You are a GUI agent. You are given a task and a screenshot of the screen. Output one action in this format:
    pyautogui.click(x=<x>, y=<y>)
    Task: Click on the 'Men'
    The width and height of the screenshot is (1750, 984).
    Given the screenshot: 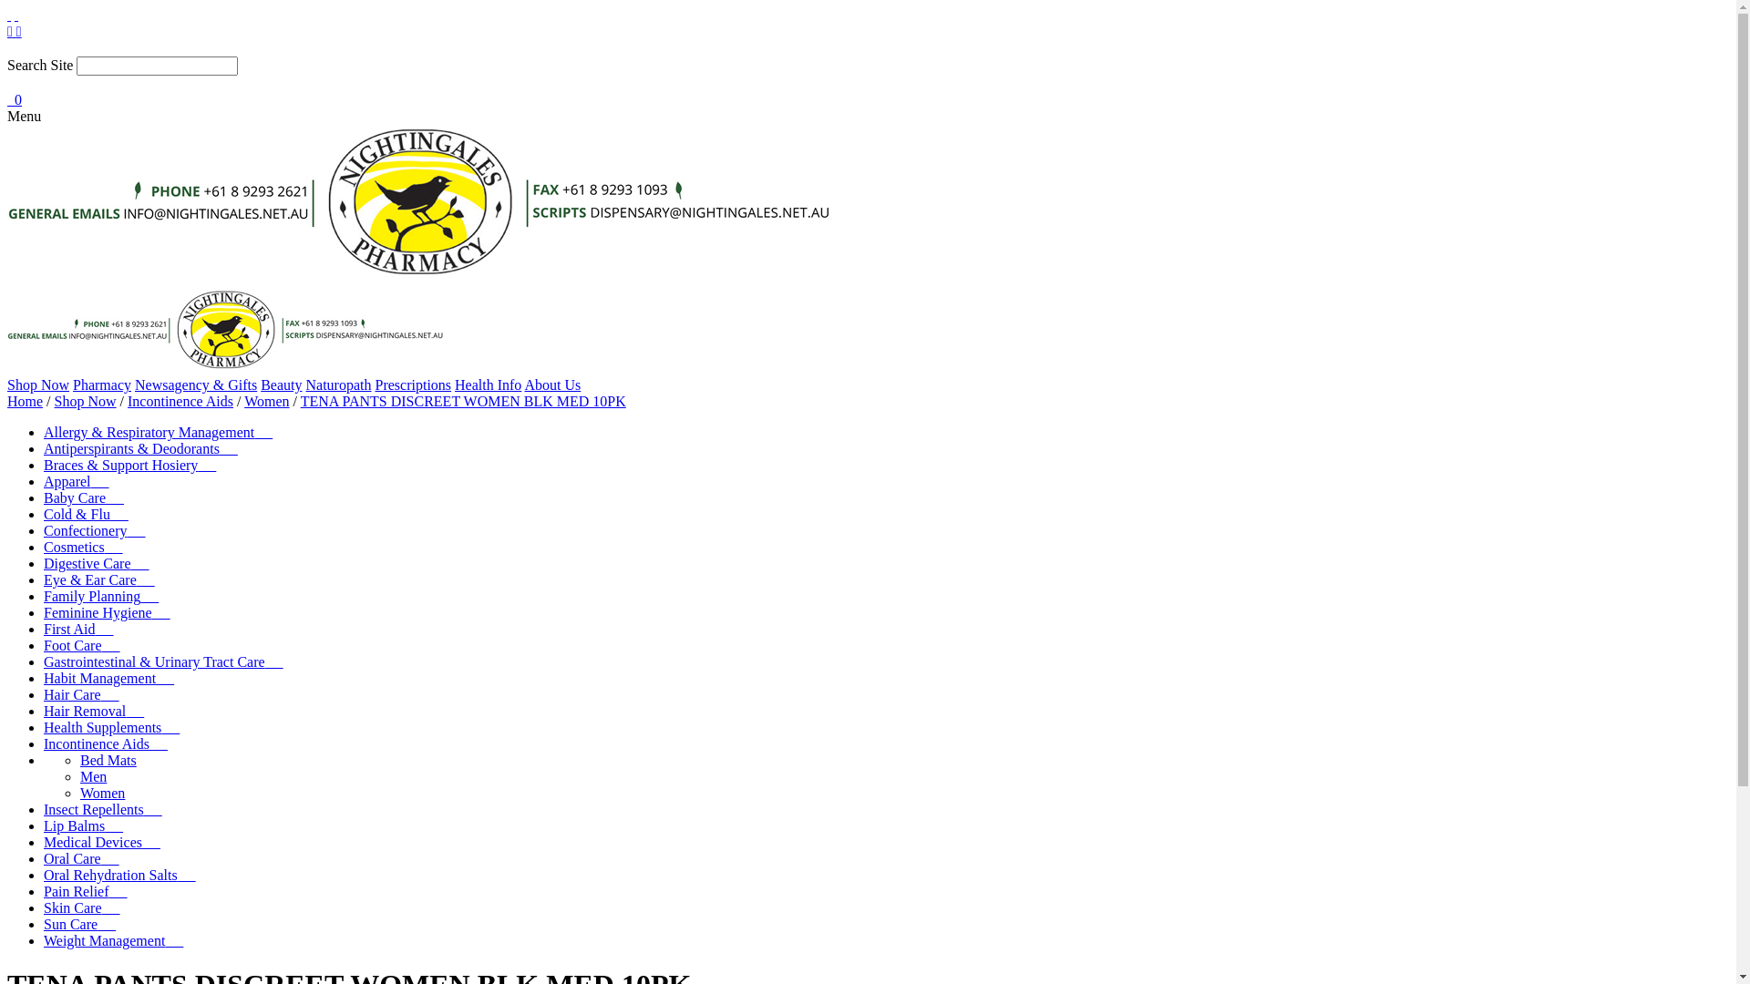 What is the action you would take?
    pyautogui.click(x=78, y=776)
    